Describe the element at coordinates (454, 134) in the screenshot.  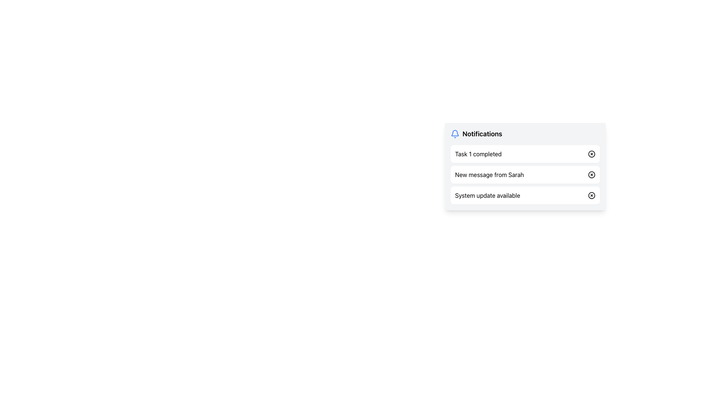
I see `the blue bell-shaped icon associated with the 'Notifications' text` at that location.